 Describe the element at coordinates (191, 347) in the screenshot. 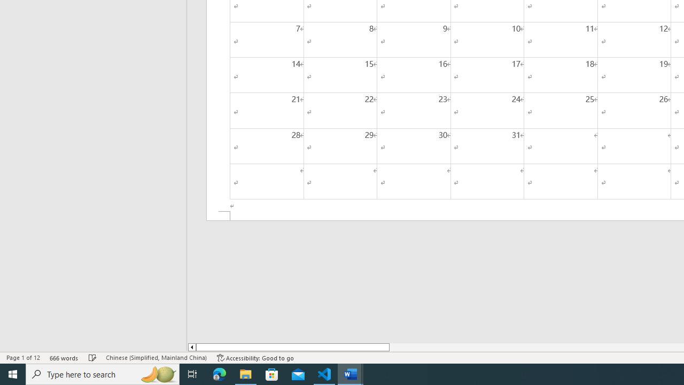

I see `'Column left'` at that location.